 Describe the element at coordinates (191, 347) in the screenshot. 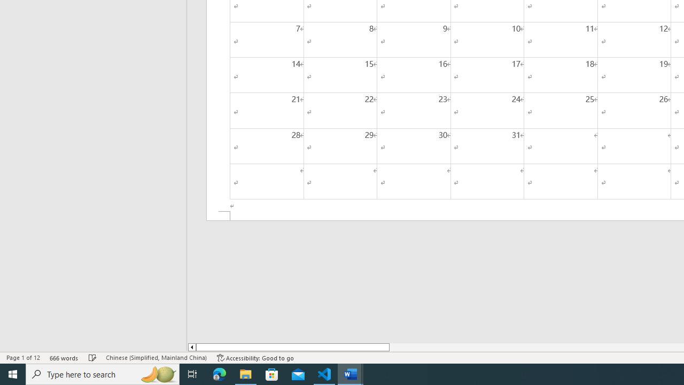

I see `'Column left'` at that location.